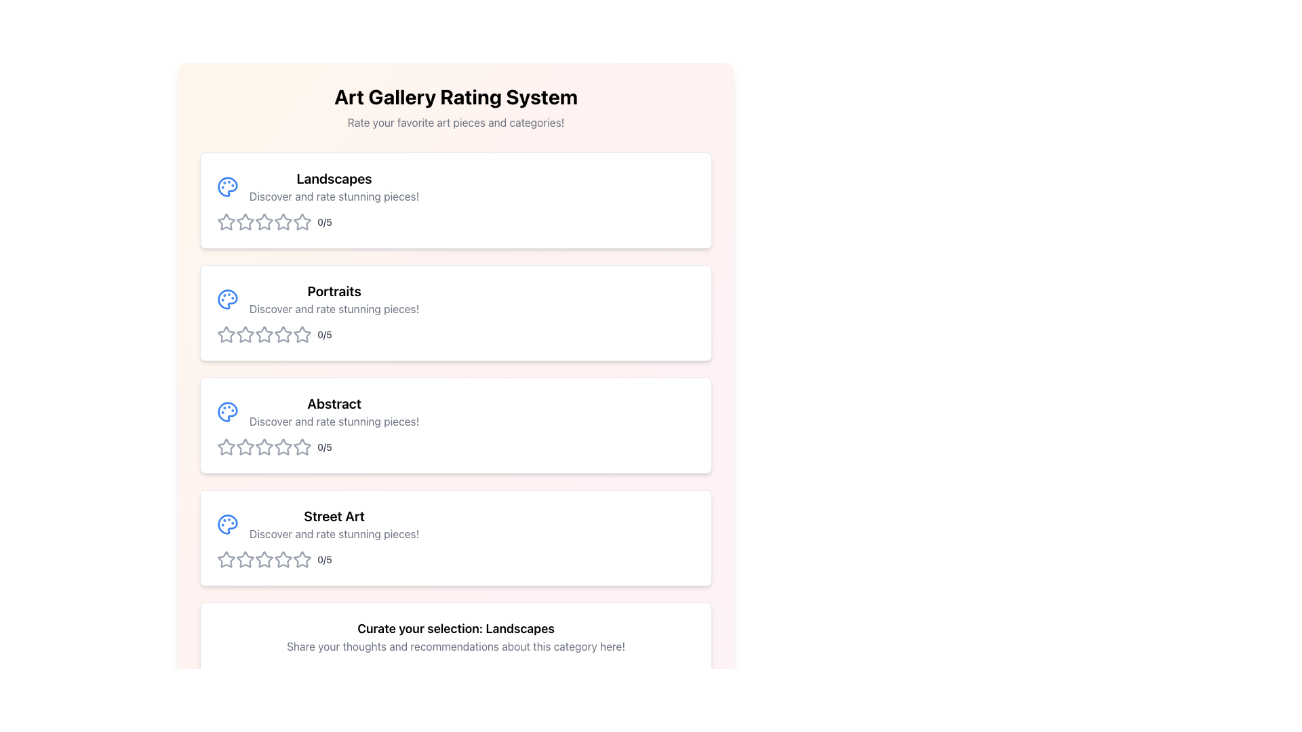 The height and width of the screenshot is (732, 1302). What do you see at coordinates (245, 221) in the screenshot?
I see `the third star icon in the Landscapes rating section` at bounding box center [245, 221].